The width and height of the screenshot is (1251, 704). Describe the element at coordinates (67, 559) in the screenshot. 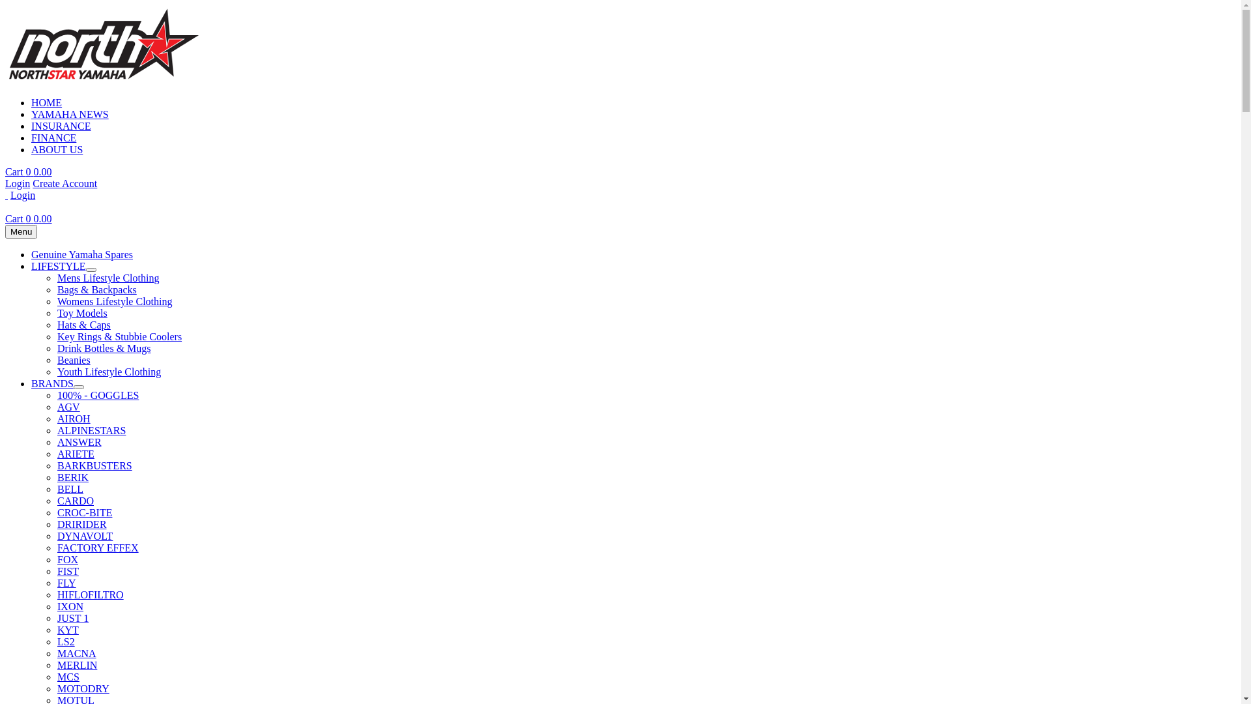

I see `'FOX'` at that location.